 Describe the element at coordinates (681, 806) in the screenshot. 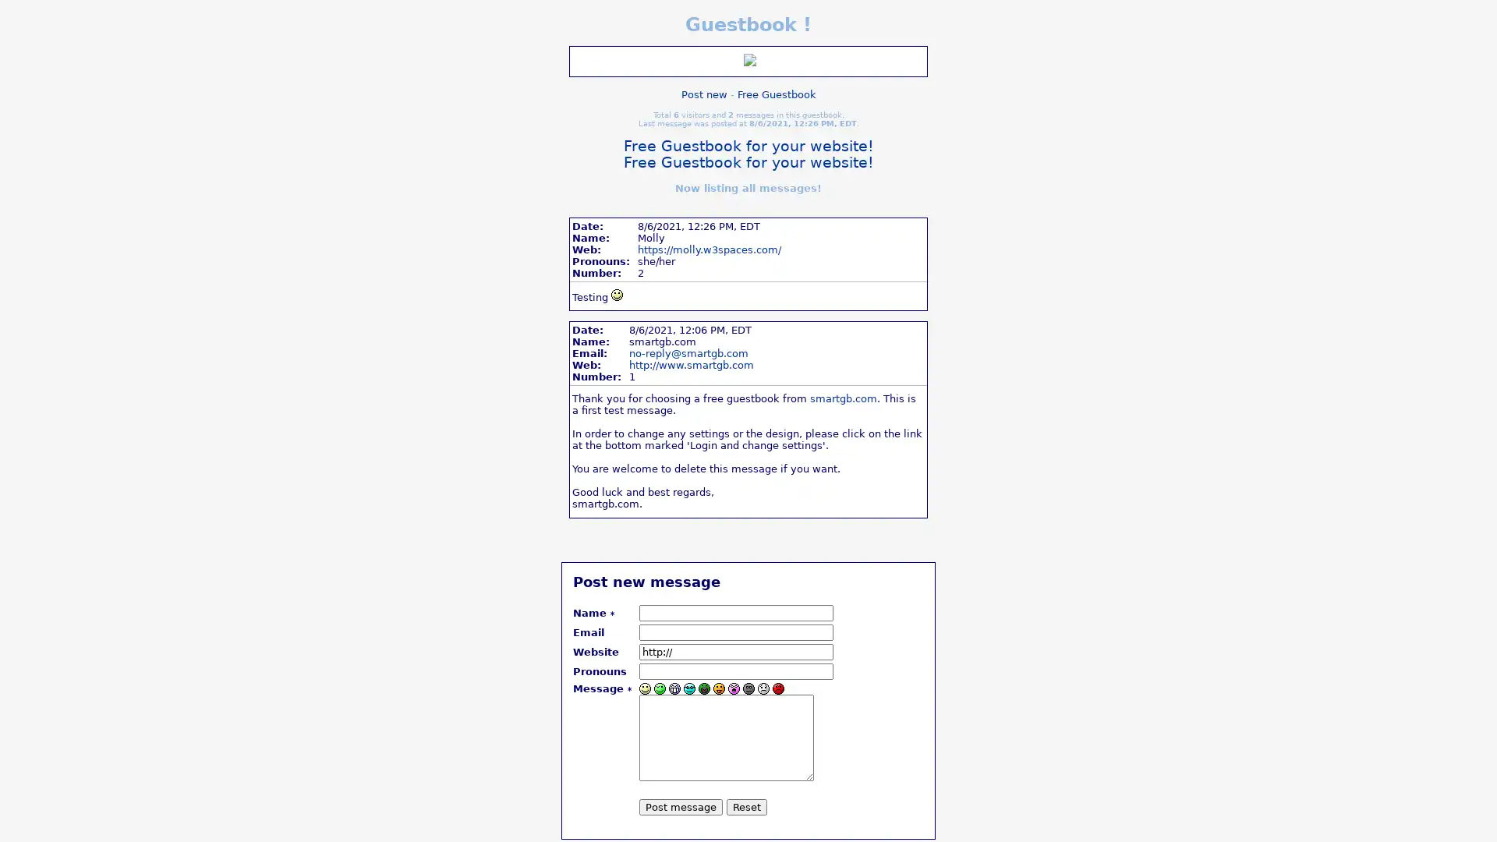

I see `Post message` at that location.